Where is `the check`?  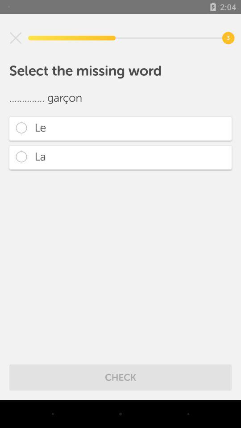
the check is located at coordinates (120, 377).